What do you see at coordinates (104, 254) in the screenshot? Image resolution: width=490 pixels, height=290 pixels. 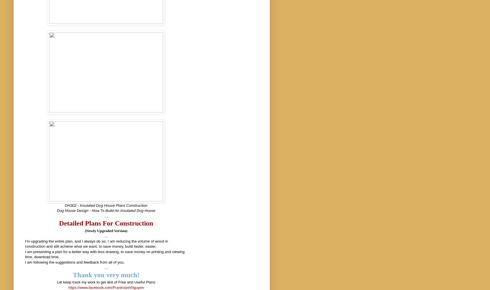 I see `'I am presenting a plan for a better way with less drawing, to save money on printing and viewing time, download time,'` at bounding box center [104, 254].